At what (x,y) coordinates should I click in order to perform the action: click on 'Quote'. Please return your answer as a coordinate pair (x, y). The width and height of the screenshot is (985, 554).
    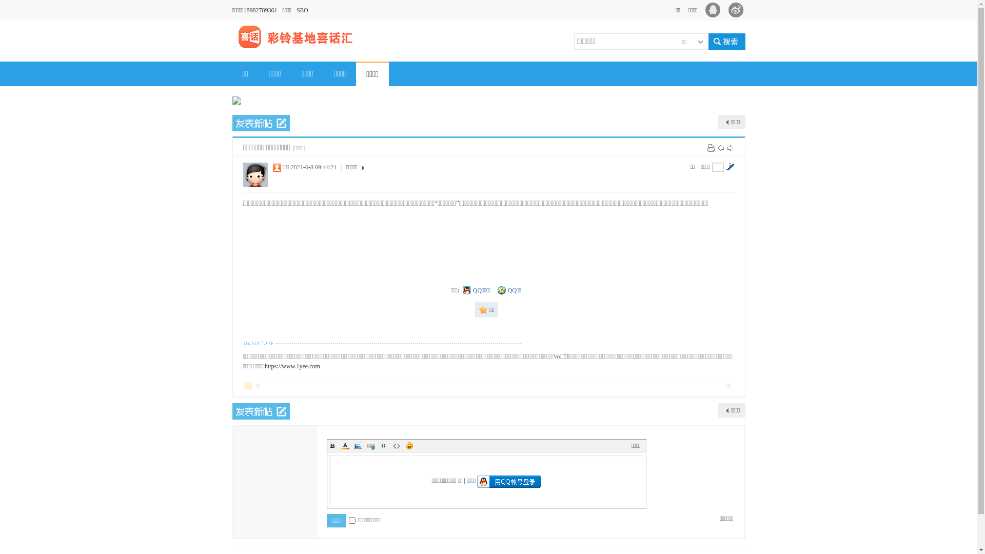
    Looking at the image, I should click on (383, 445).